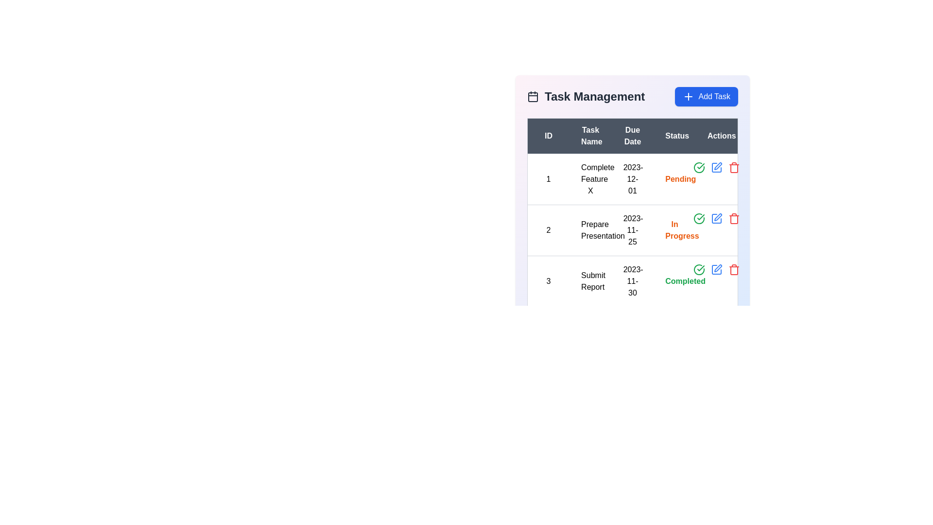 The image size is (933, 525). What do you see at coordinates (707, 97) in the screenshot?
I see `the button located on the far right of the 'Task Management' header area, which is used` at bounding box center [707, 97].